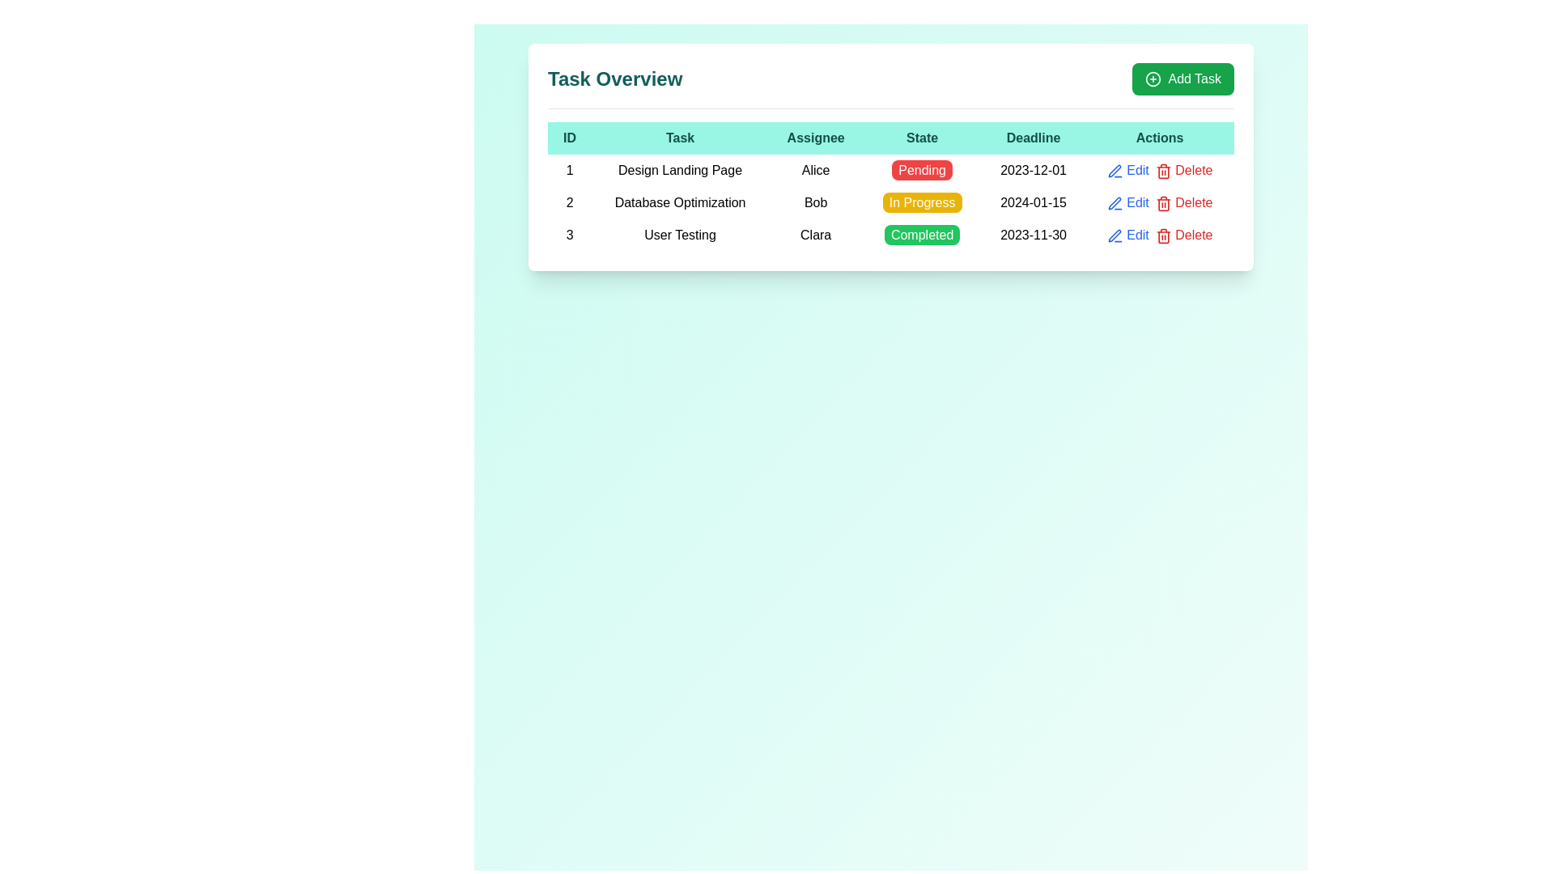  Describe the element at coordinates (816, 235) in the screenshot. I see `the non-interactive text label displaying 'Clara' in the third cell of the third row under the 'Assignee' column in the table` at that location.